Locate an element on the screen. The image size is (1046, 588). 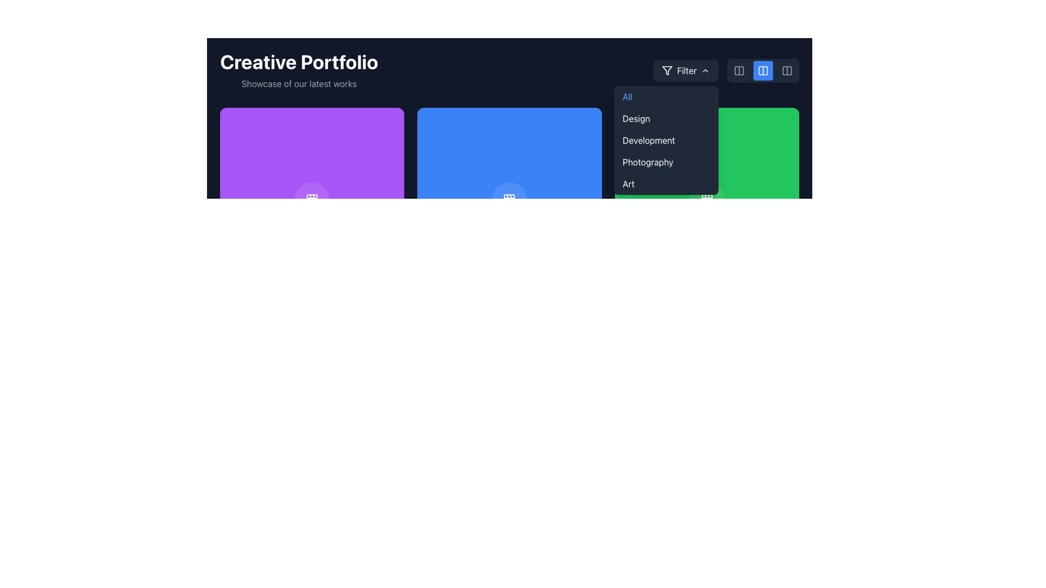
the circular button with a semi-transparent white background and a 3x3 grid icon in the center is located at coordinates (312, 200).